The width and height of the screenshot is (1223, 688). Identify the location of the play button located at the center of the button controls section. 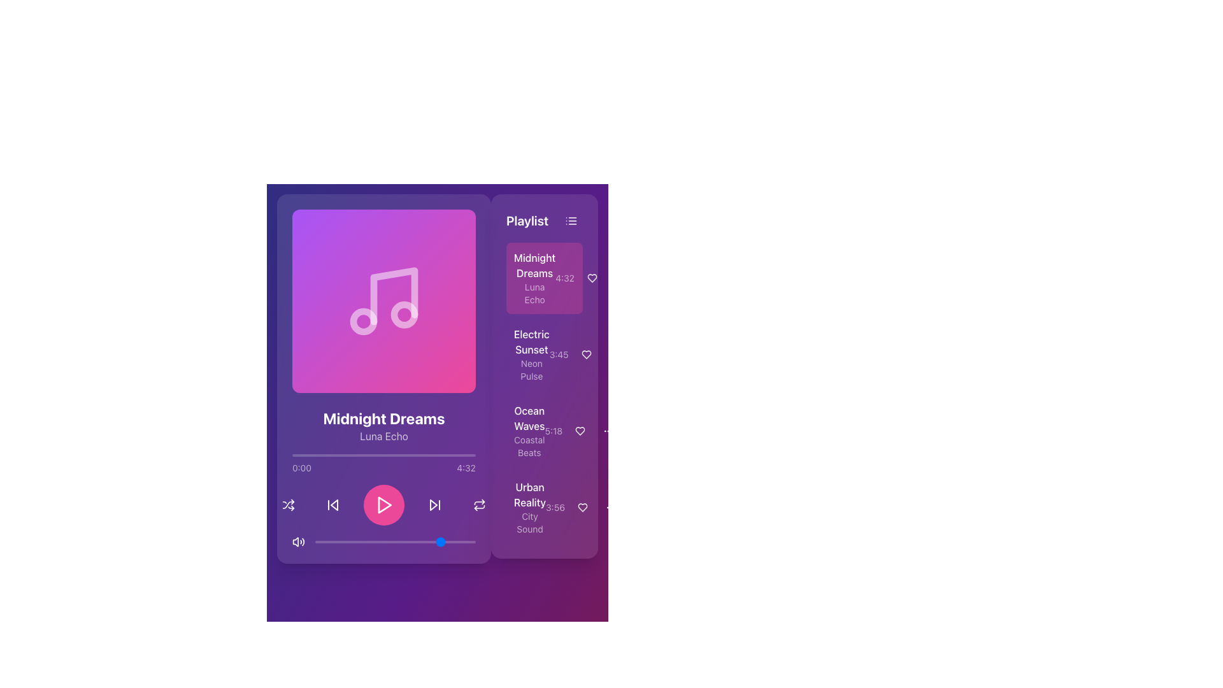
(383, 505).